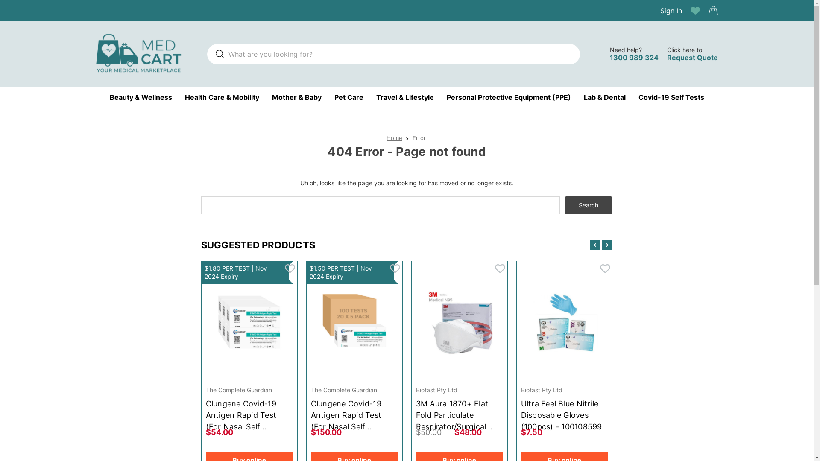 This screenshot has width=820, height=461. Describe the element at coordinates (394, 137) in the screenshot. I see `'Home'` at that location.